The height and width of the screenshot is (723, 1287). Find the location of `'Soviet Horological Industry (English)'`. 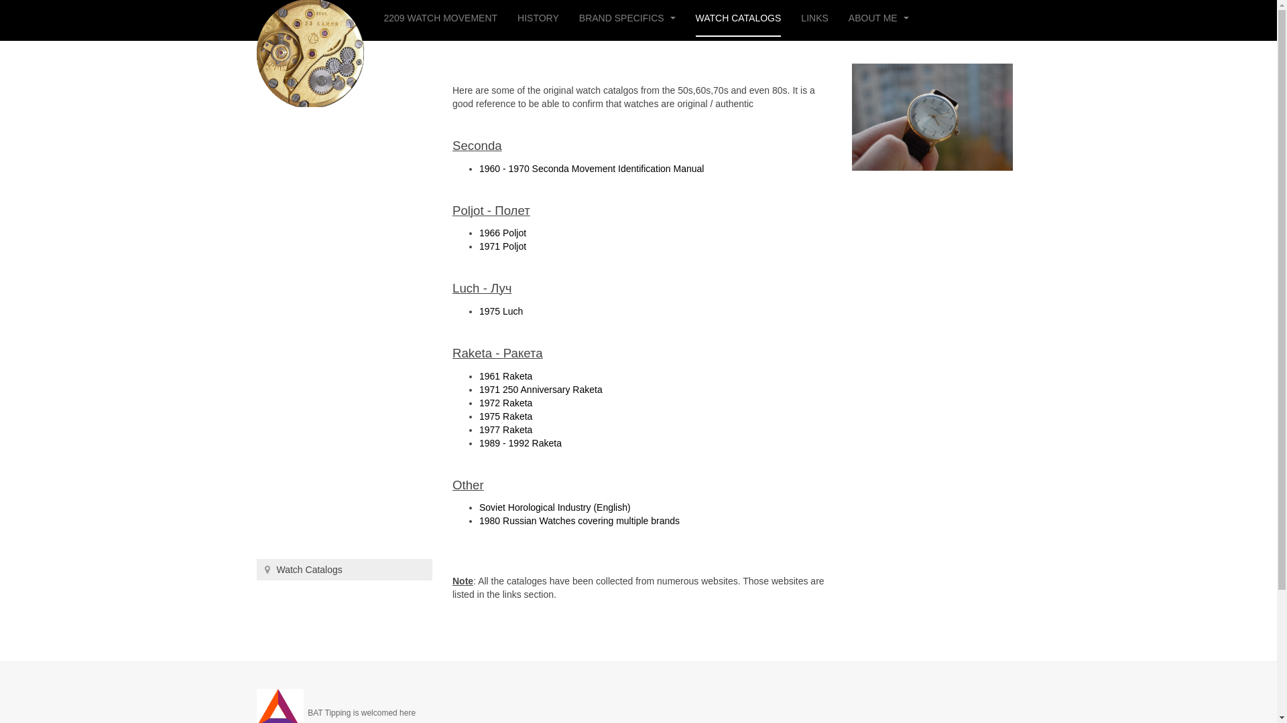

'Soviet Horological Industry (English)' is located at coordinates (555, 507).